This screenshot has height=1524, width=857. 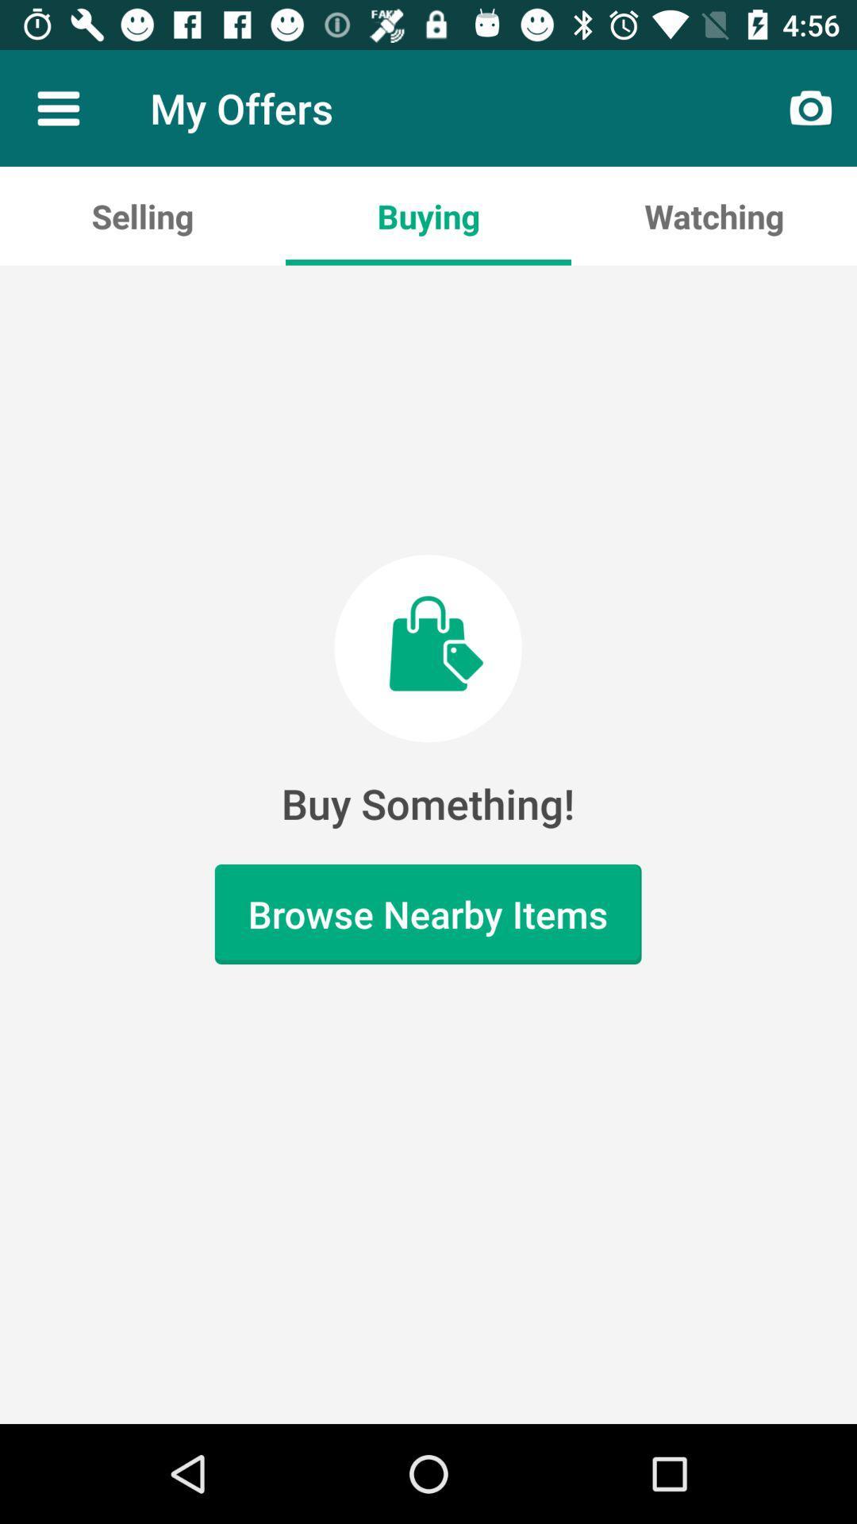 I want to click on buying, so click(x=428, y=215).